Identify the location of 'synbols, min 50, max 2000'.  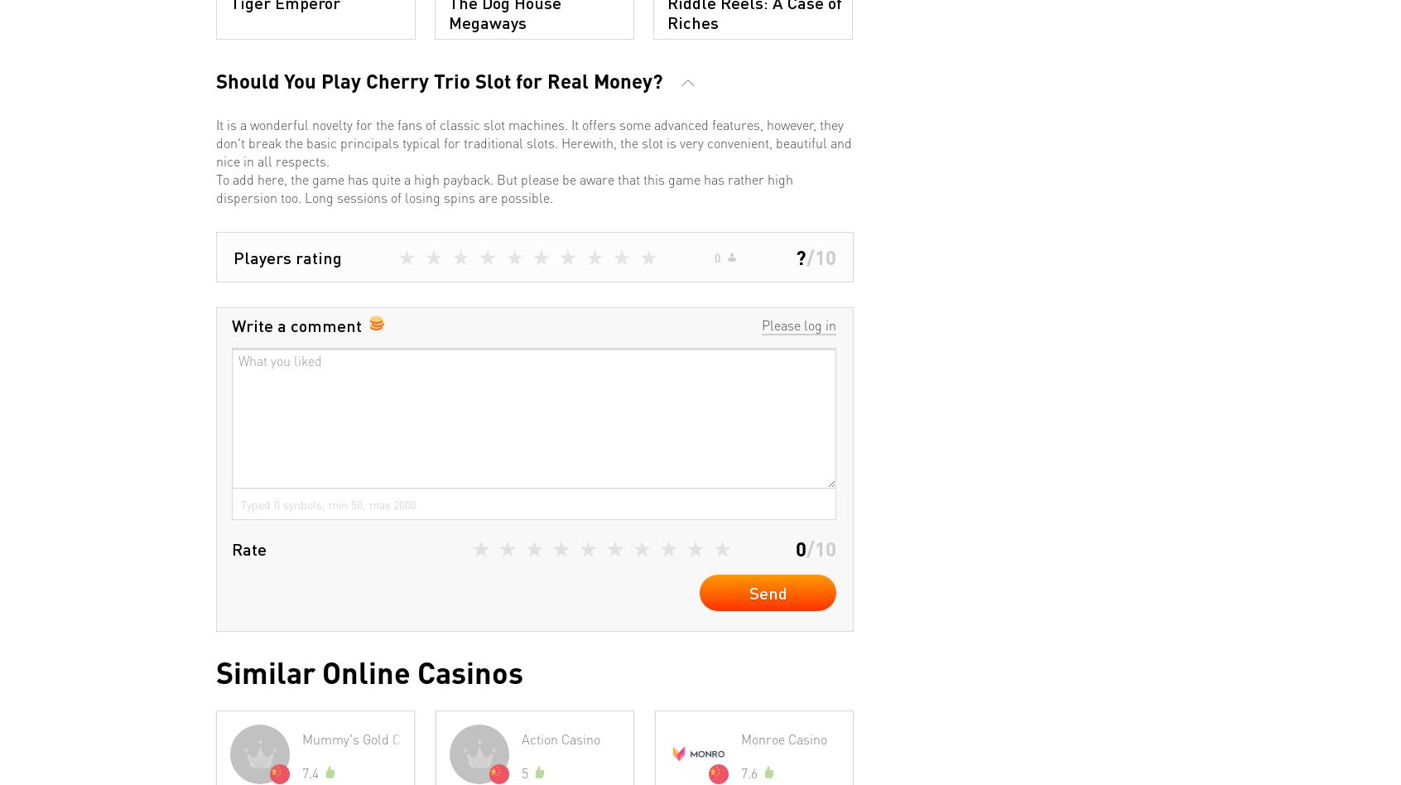
(348, 503).